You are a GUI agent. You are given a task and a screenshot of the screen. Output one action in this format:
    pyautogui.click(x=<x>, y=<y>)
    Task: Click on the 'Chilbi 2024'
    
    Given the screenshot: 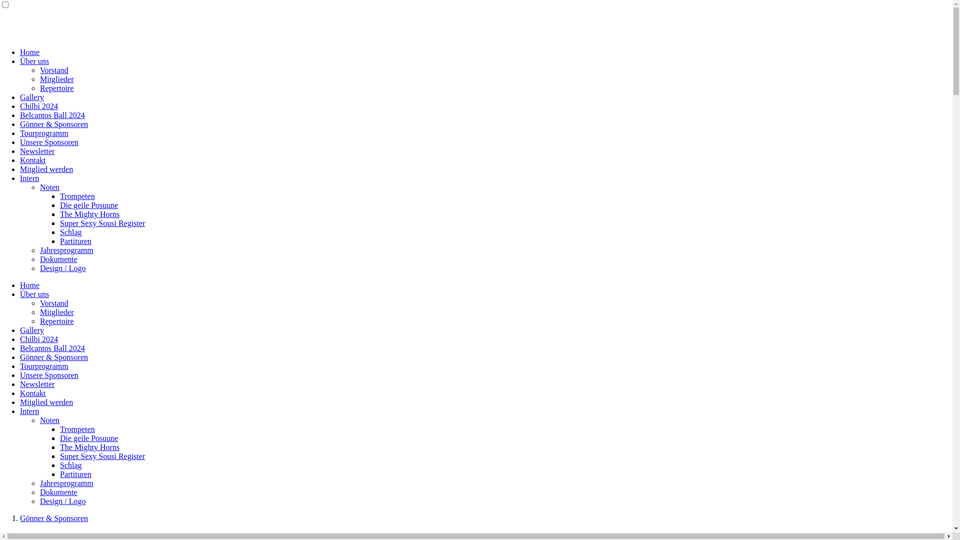 What is the action you would take?
    pyautogui.click(x=38, y=106)
    